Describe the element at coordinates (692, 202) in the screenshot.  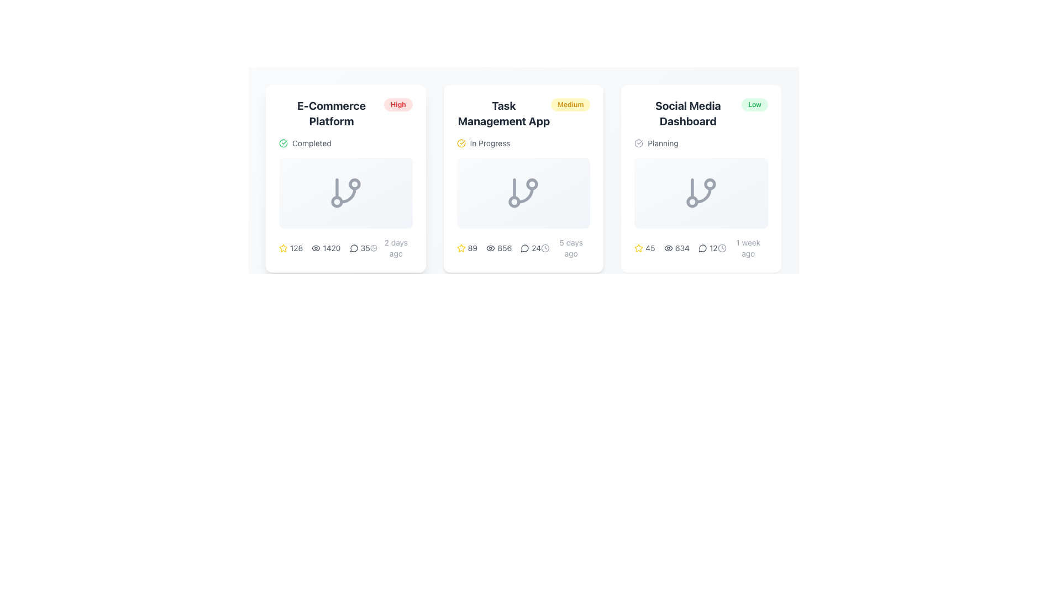
I see `the bottom-left SVG Circle component in the diagram, which represents a branching point or node` at that location.